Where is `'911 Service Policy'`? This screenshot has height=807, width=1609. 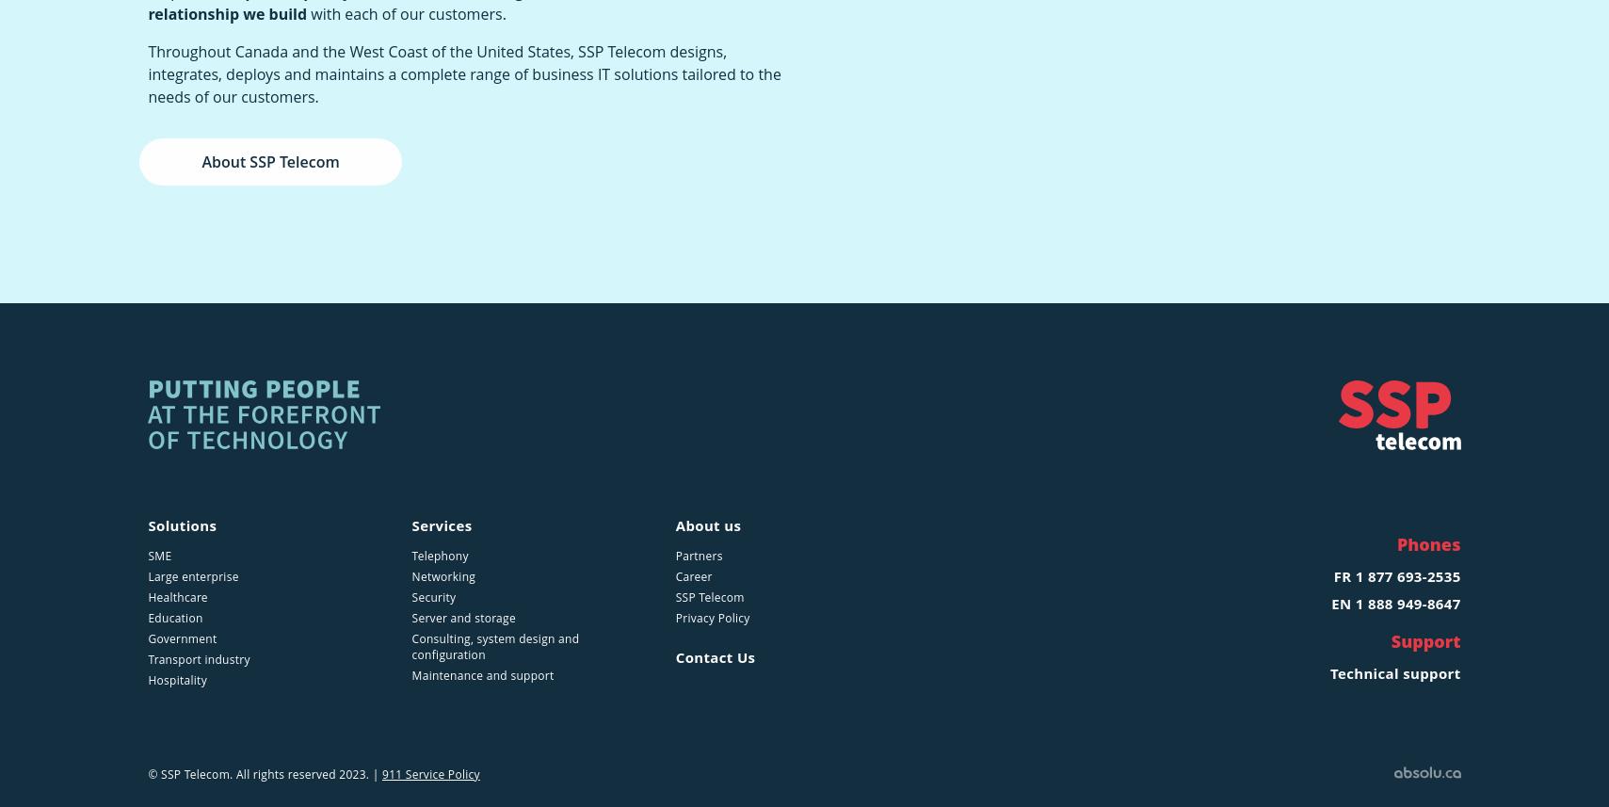 '911 Service Policy' is located at coordinates (428, 772).